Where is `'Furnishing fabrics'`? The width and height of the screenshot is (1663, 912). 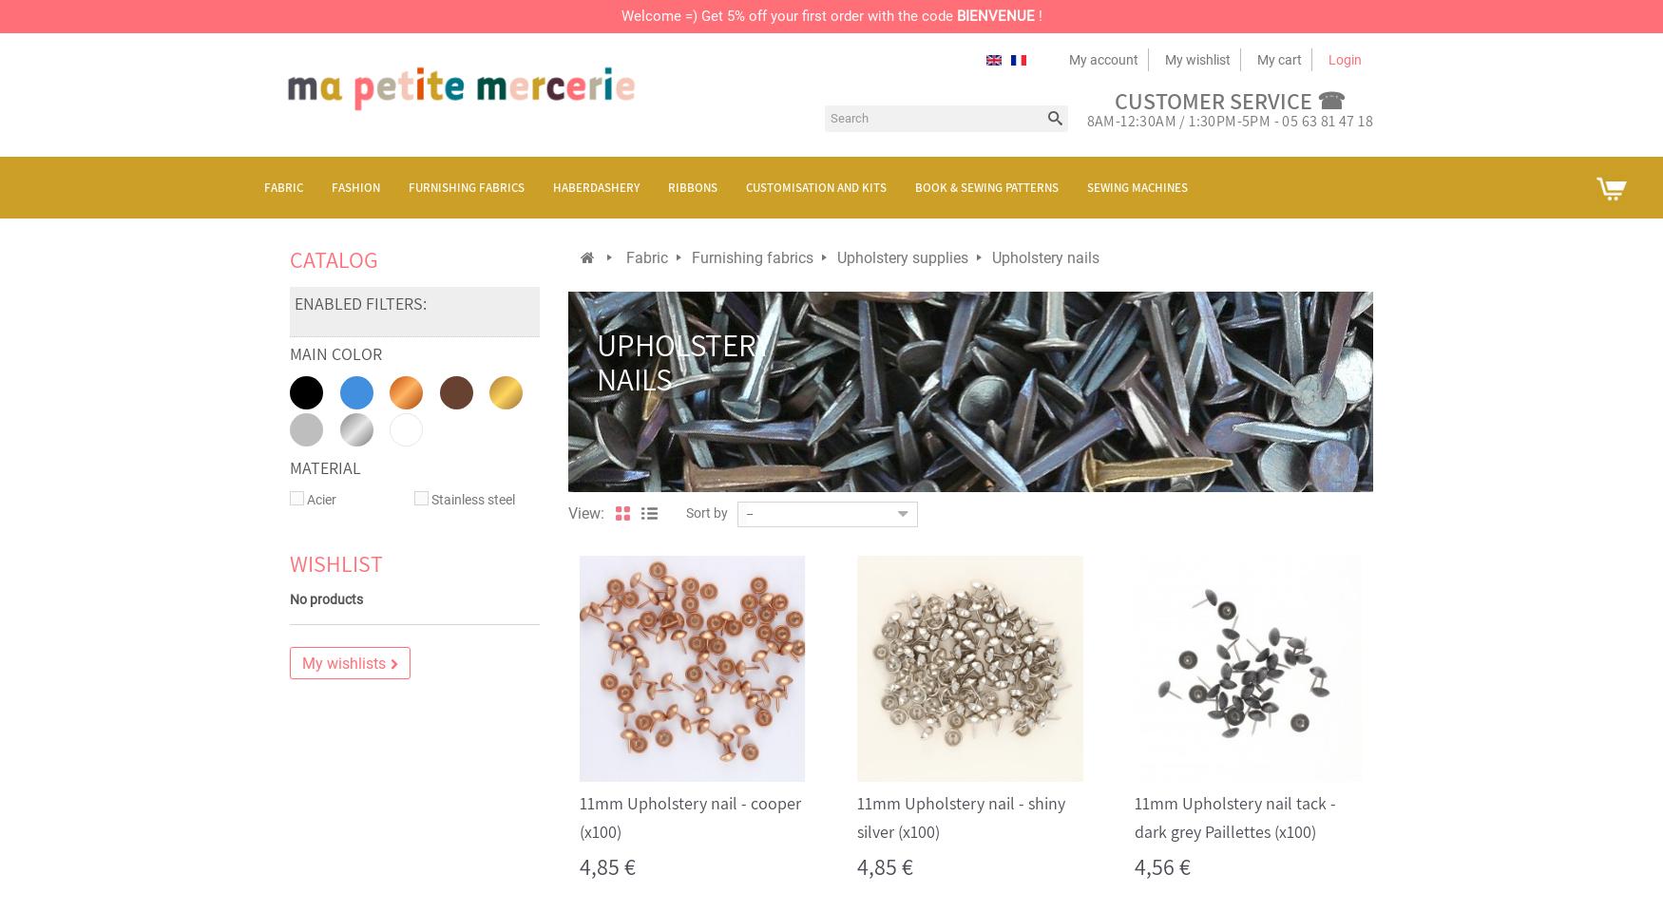
'Furnishing fabrics' is located at coordinates (751, 256).